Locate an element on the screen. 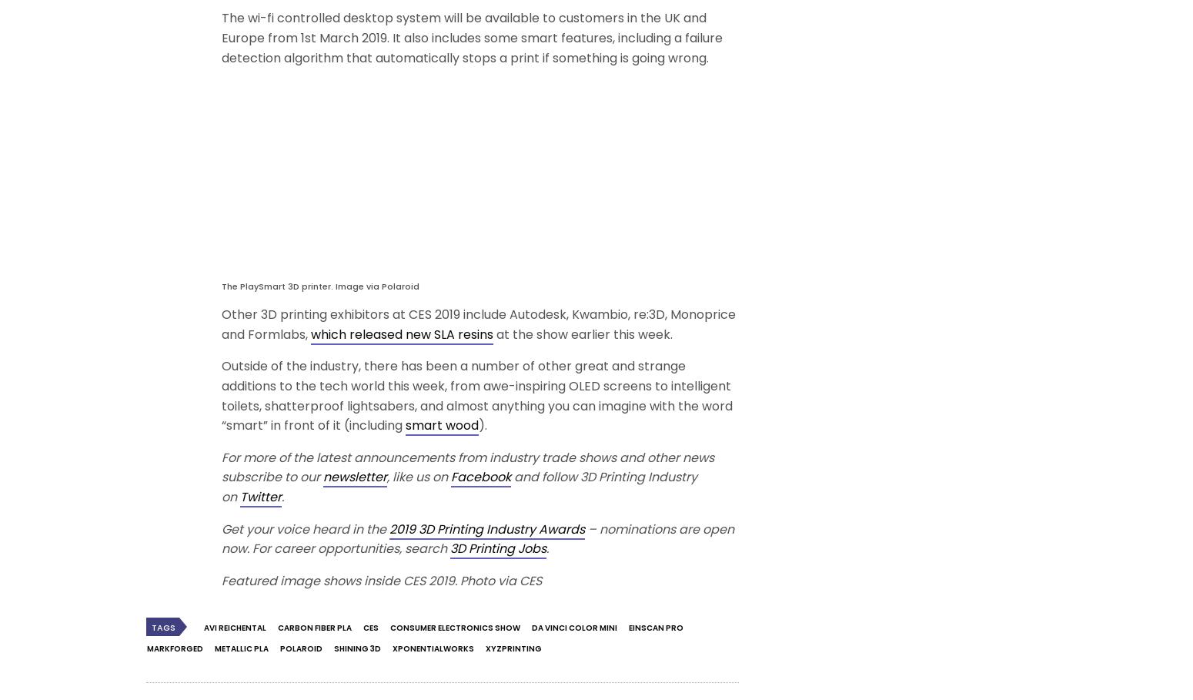 The width and height of the screenshot is (1193, 700). 'Polaroid' is located at coordinates (279, 648).